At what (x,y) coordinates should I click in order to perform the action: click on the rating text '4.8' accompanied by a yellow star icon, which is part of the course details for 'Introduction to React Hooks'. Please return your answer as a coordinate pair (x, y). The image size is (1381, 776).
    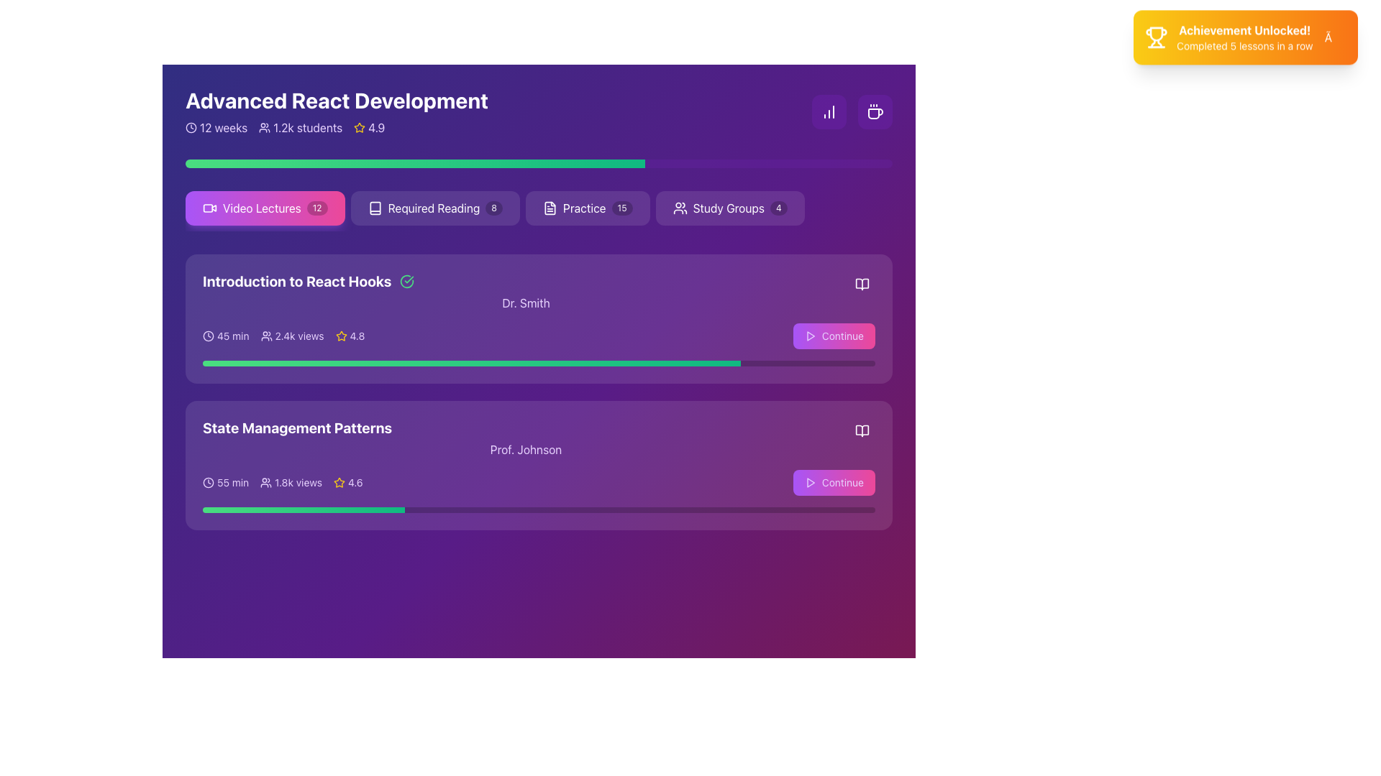
    Looking at the image, I should click on (350, 336).